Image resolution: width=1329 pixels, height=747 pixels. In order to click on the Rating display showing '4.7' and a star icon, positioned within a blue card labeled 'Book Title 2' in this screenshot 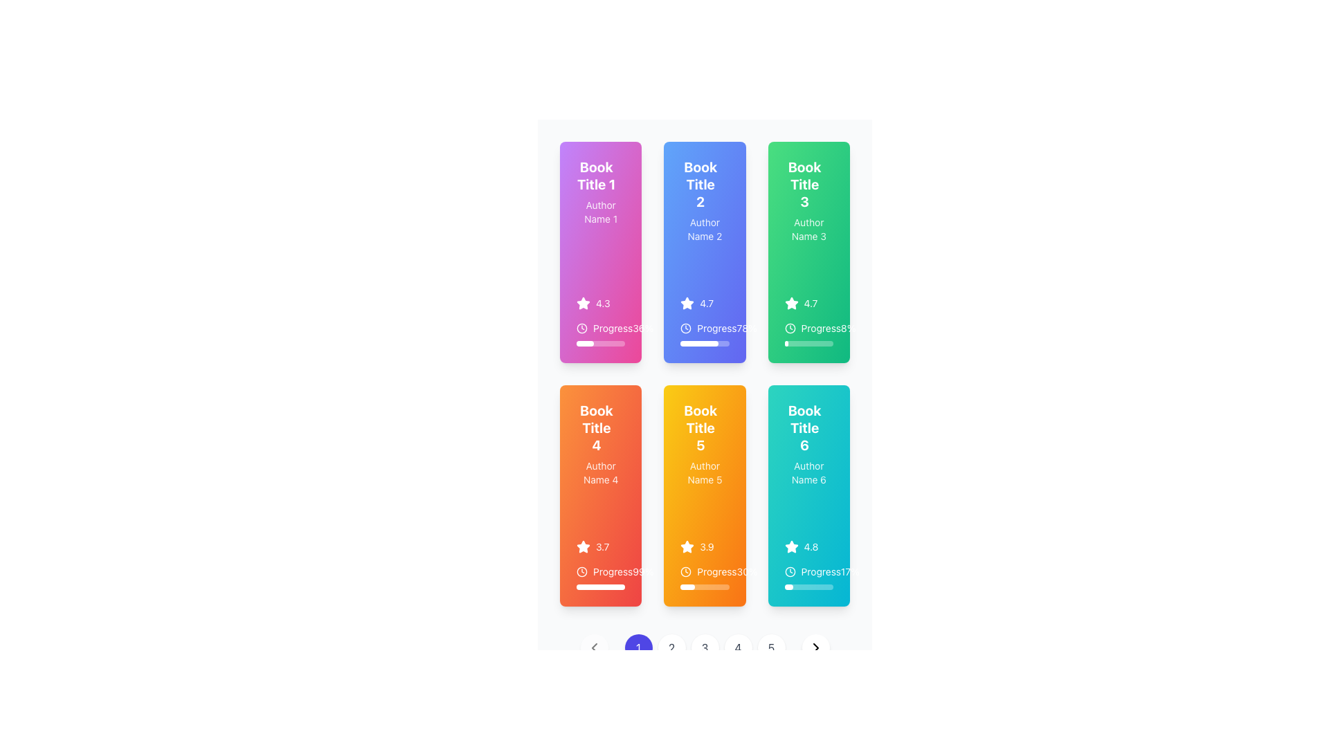, I will do `click(705, 303)`.